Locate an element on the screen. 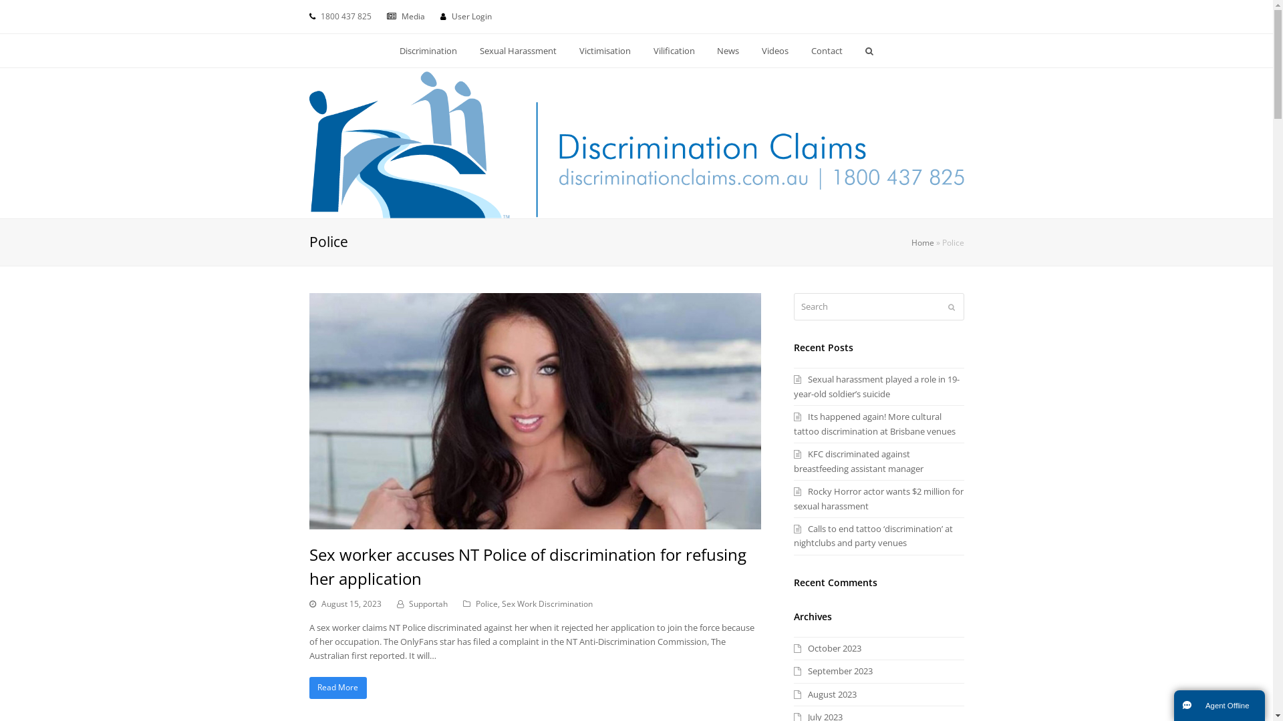 Image resolution: width=1283 pixels, height=721 pixels. 'Contact' is located at coordinates (827, 50).